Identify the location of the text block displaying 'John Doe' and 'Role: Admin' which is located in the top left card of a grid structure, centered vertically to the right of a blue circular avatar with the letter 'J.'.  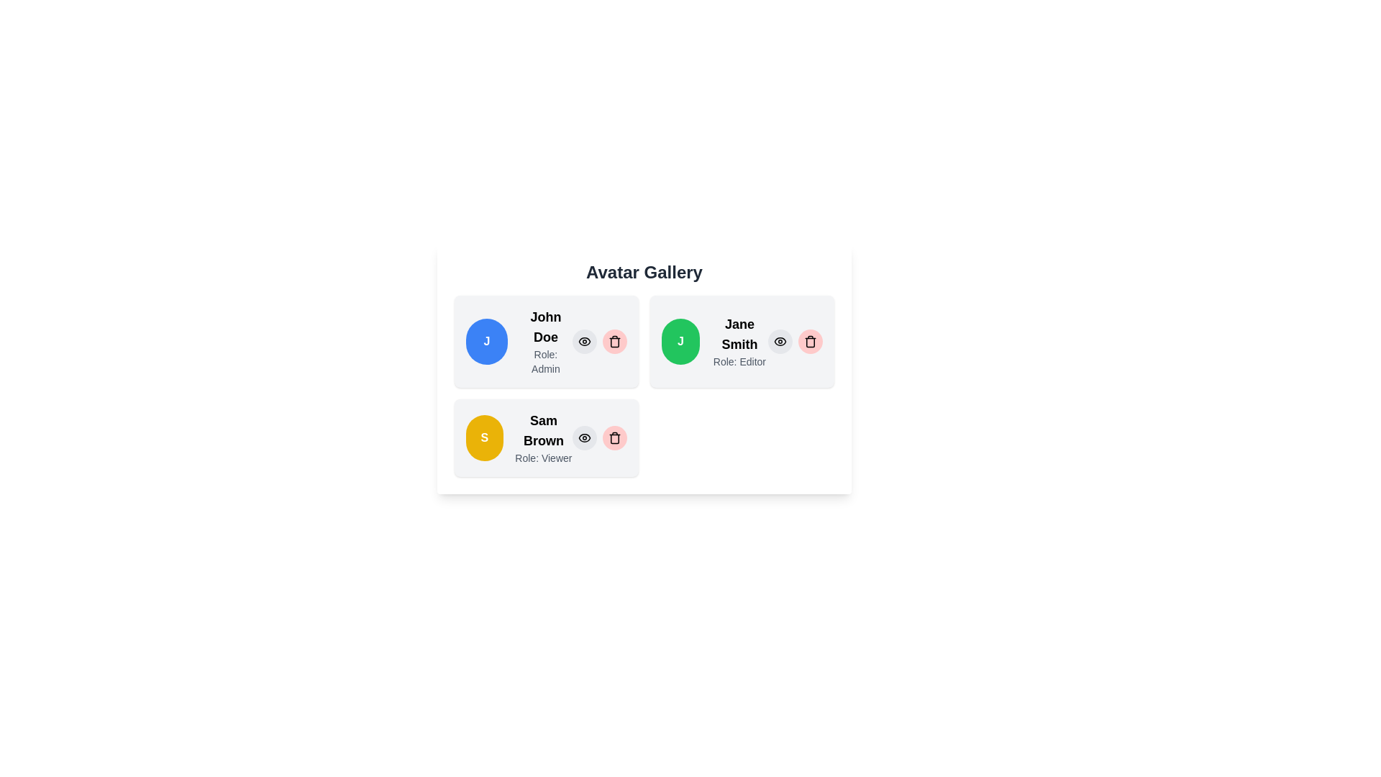
(544, 341).